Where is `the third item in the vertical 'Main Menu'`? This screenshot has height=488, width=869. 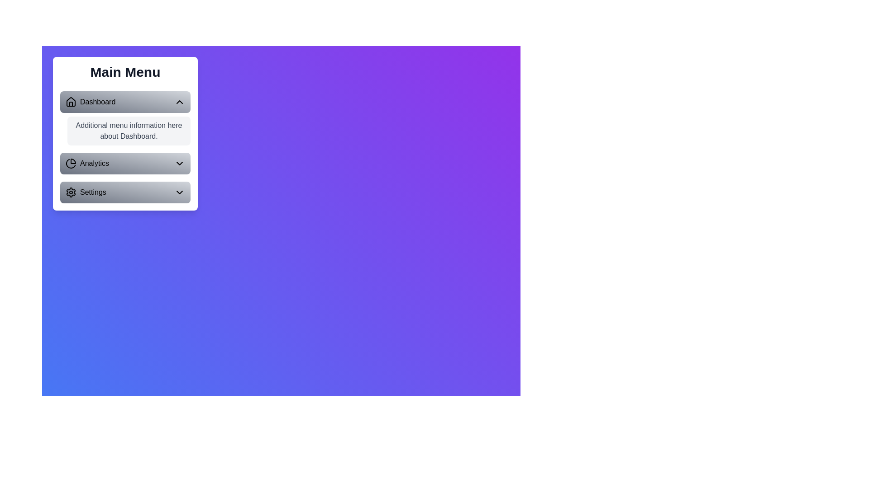
the third item in the vertical 'Main Menu' is located at coordinates (125, 192).